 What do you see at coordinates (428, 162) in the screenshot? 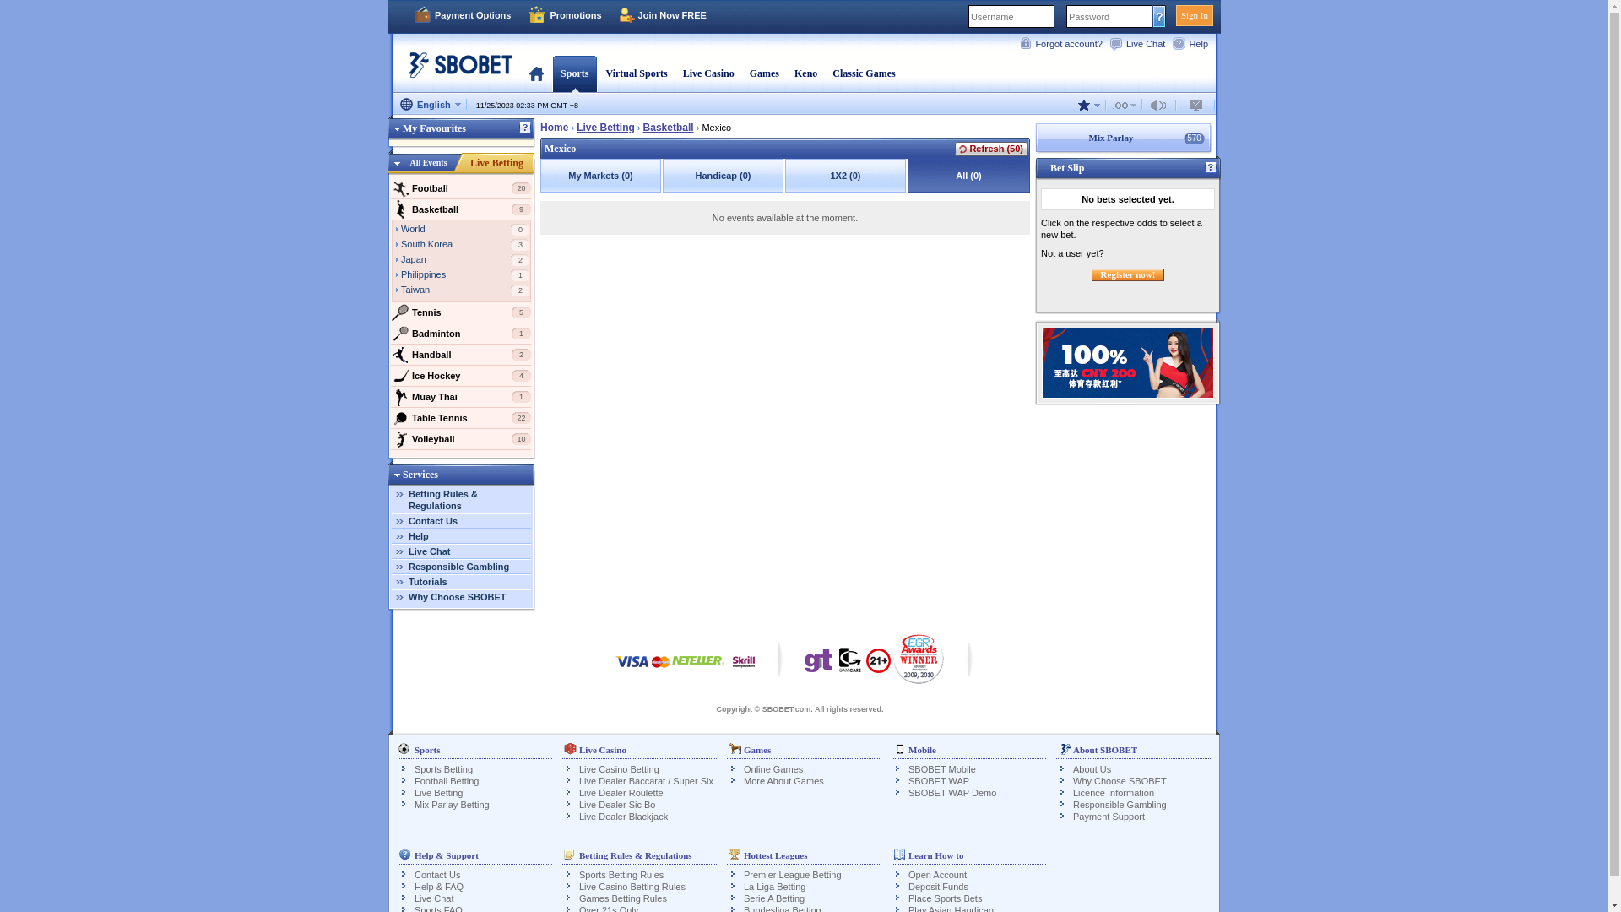
I see `'All Events'` at bounding box center [428, 162].